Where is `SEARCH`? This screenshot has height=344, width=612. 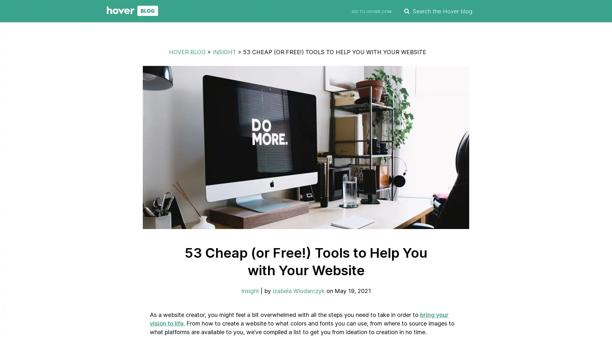 SEARCH is located at coordinates (406, 11).